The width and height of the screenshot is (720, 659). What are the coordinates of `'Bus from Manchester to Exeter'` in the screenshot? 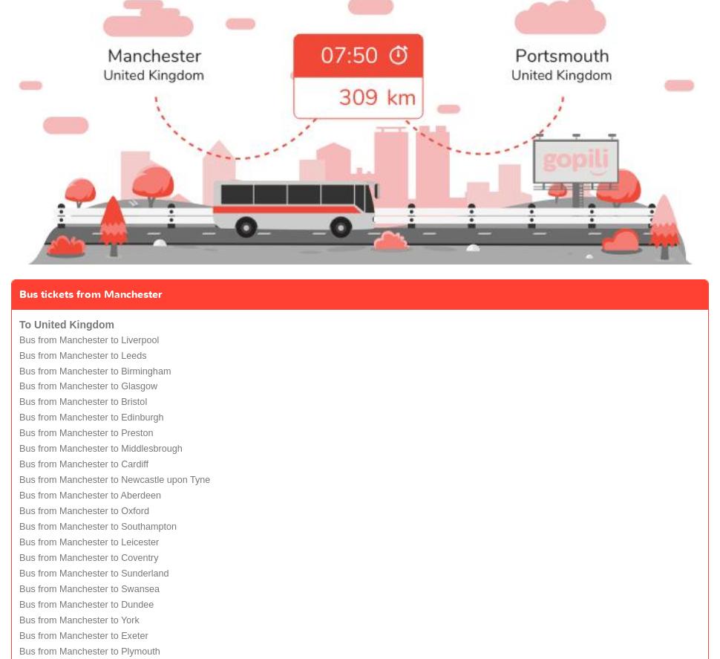 It's located at (83, 635).